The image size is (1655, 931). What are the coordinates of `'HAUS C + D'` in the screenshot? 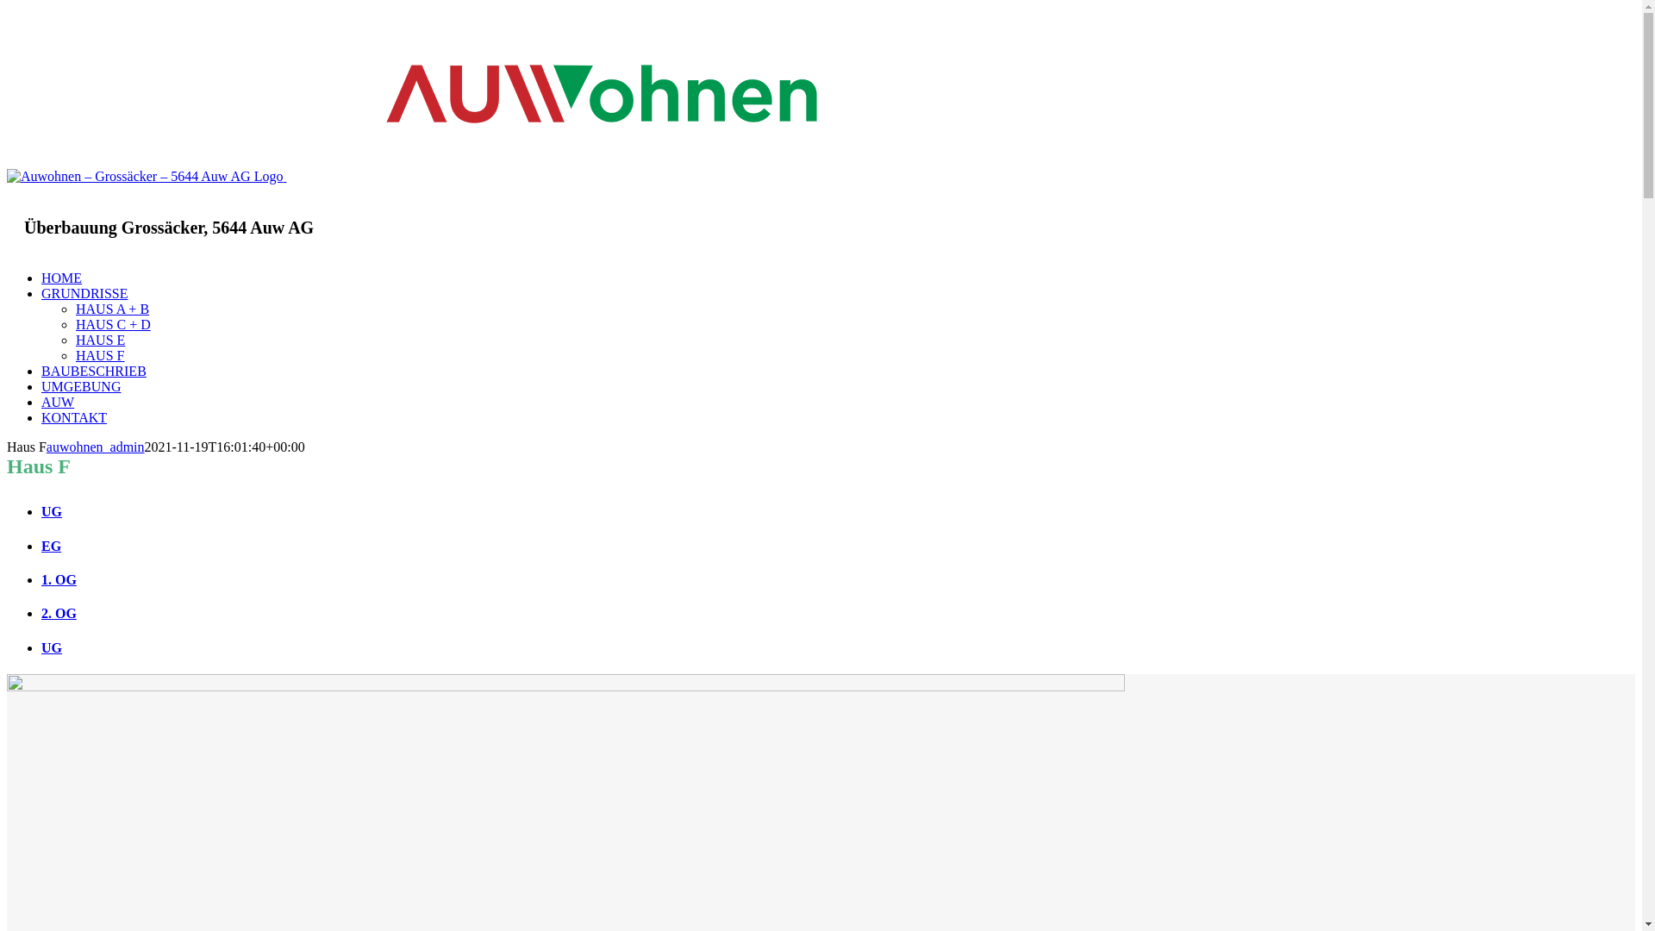 It's located at (112, 324).